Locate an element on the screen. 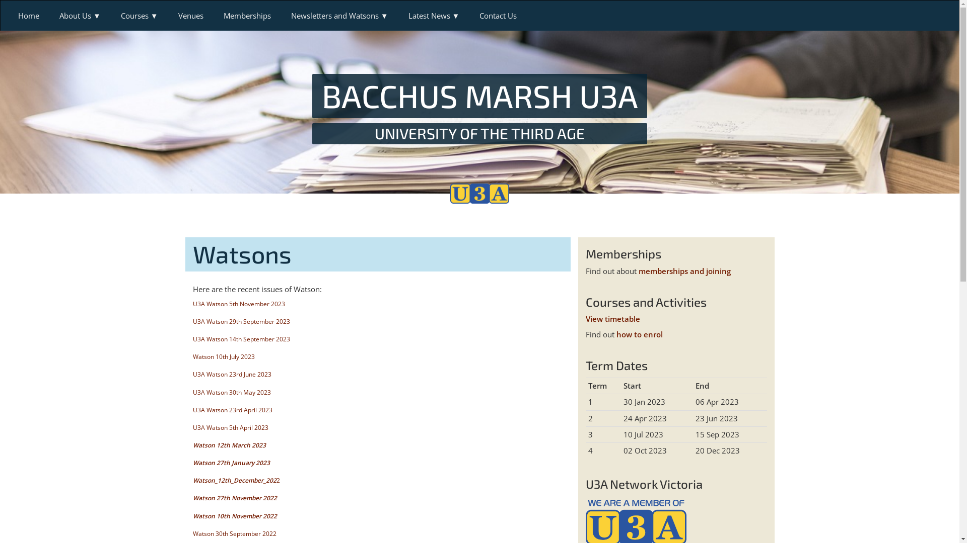 The image size is (967, 543). 'View timetable' is located at coordinates (611, 318).